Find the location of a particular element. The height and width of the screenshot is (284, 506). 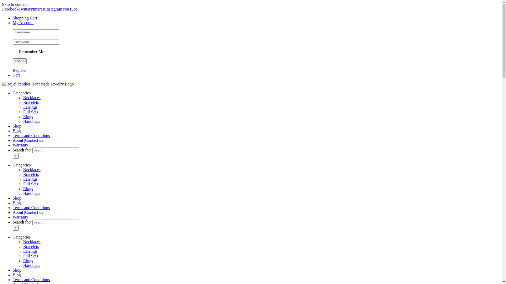

'Log In' is located at coordinates (20, 61).